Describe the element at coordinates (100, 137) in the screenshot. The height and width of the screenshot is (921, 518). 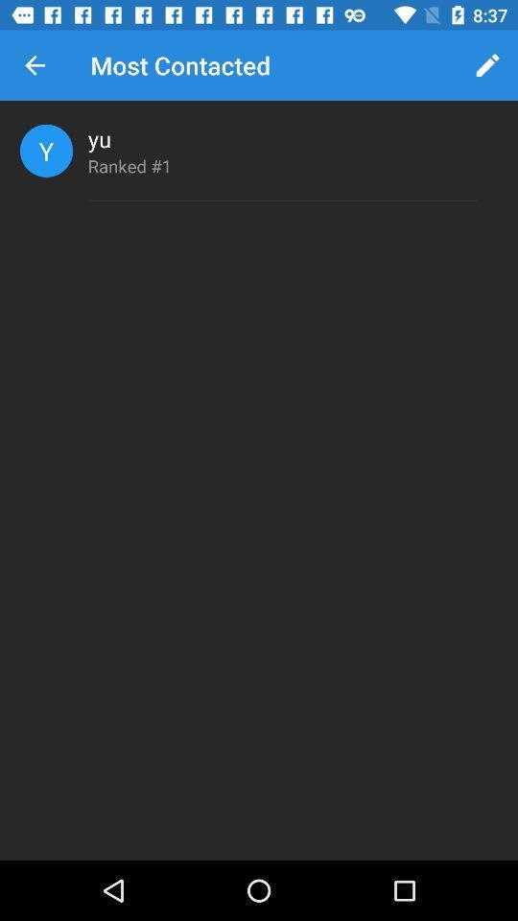
I see `item above ranked #1 item` at that location.